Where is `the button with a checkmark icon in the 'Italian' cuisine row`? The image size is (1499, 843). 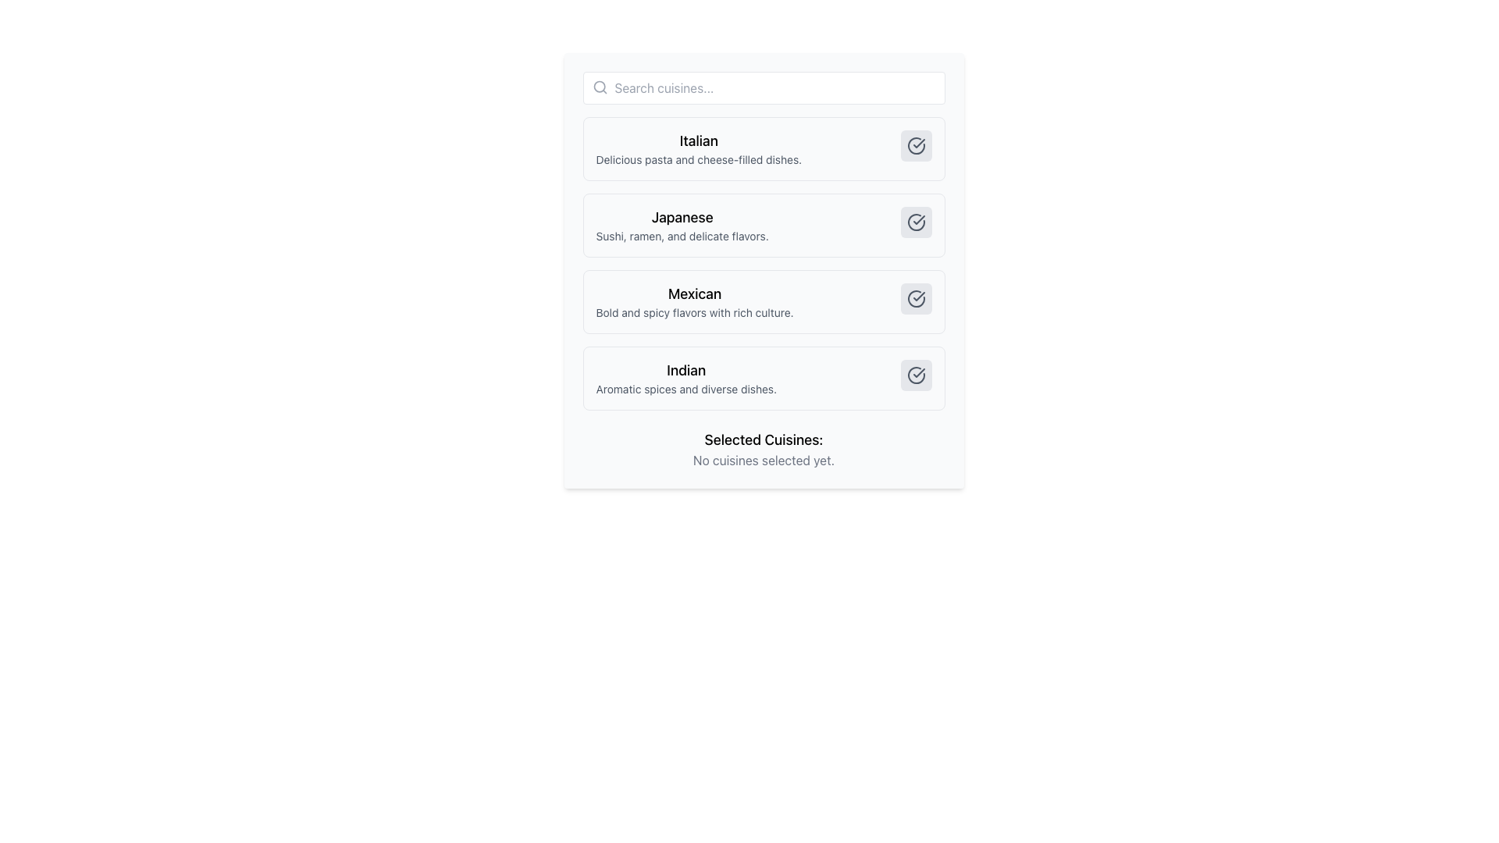 the button with a checkmark icon in the 'Italian' cuisine row is located at coordinates (916, 145).